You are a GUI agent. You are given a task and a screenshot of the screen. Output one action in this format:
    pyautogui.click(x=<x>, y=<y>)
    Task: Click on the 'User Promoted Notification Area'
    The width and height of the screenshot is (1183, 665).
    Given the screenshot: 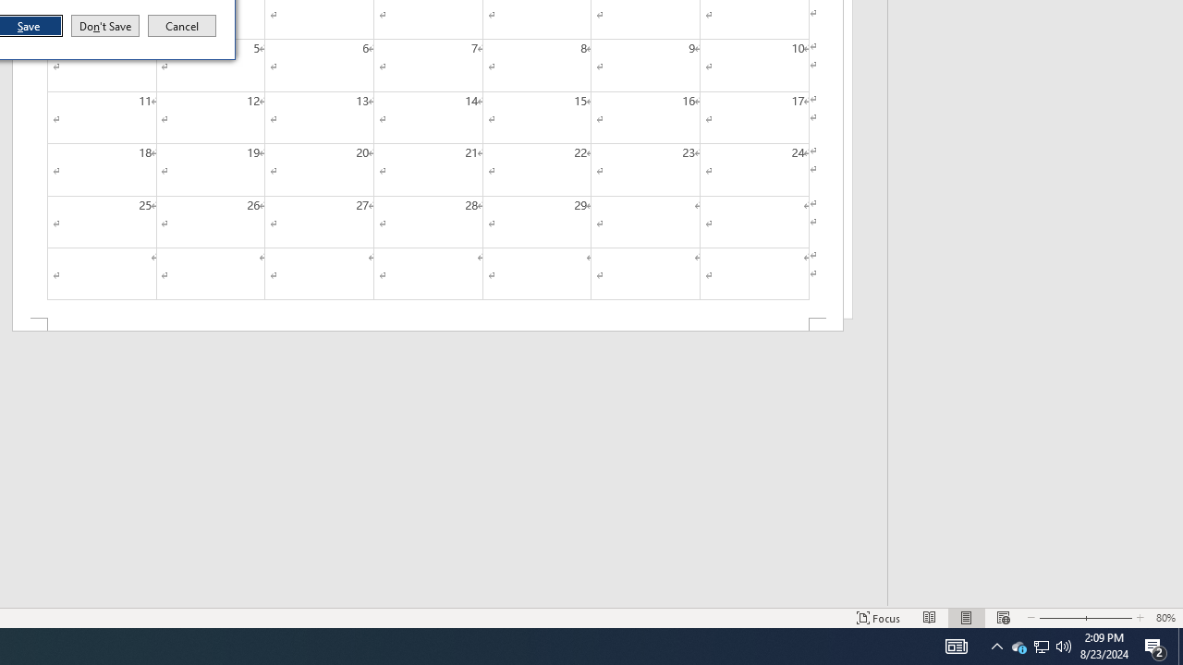 What is the action you would take?
    pyautogui.click(x=1042, y=645)
    